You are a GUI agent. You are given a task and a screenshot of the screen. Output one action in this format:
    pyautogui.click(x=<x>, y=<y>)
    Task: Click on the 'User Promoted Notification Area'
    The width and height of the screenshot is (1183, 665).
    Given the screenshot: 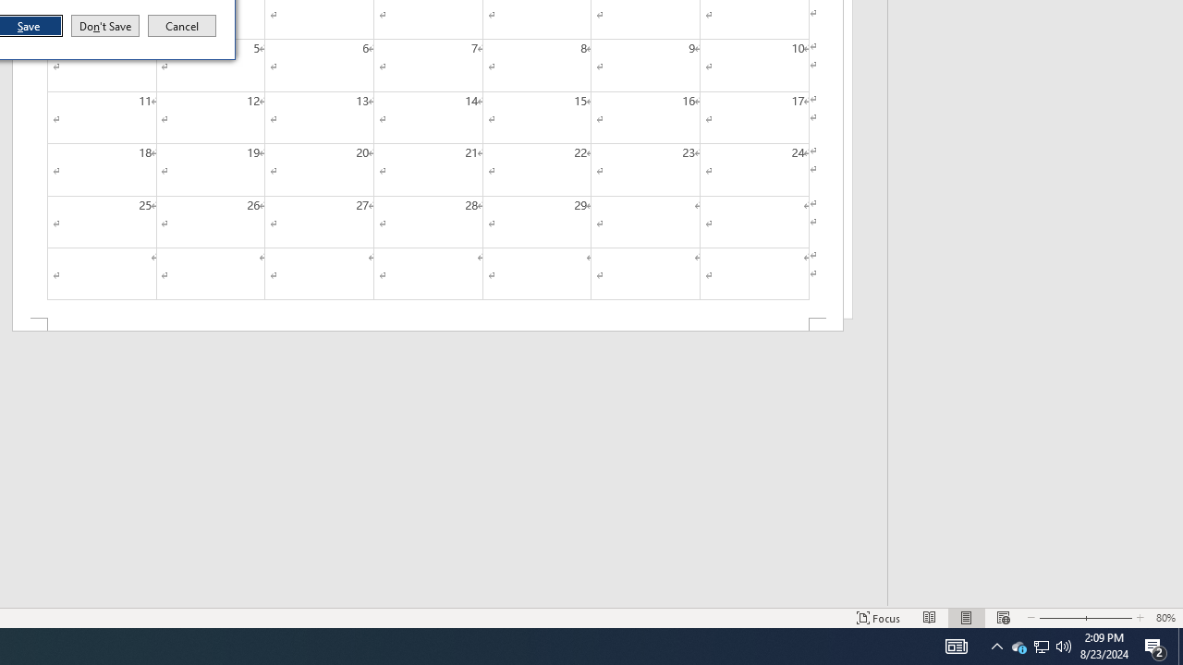 What is the action you would take?
    pyautogui.click(x=1042, y=645)
    